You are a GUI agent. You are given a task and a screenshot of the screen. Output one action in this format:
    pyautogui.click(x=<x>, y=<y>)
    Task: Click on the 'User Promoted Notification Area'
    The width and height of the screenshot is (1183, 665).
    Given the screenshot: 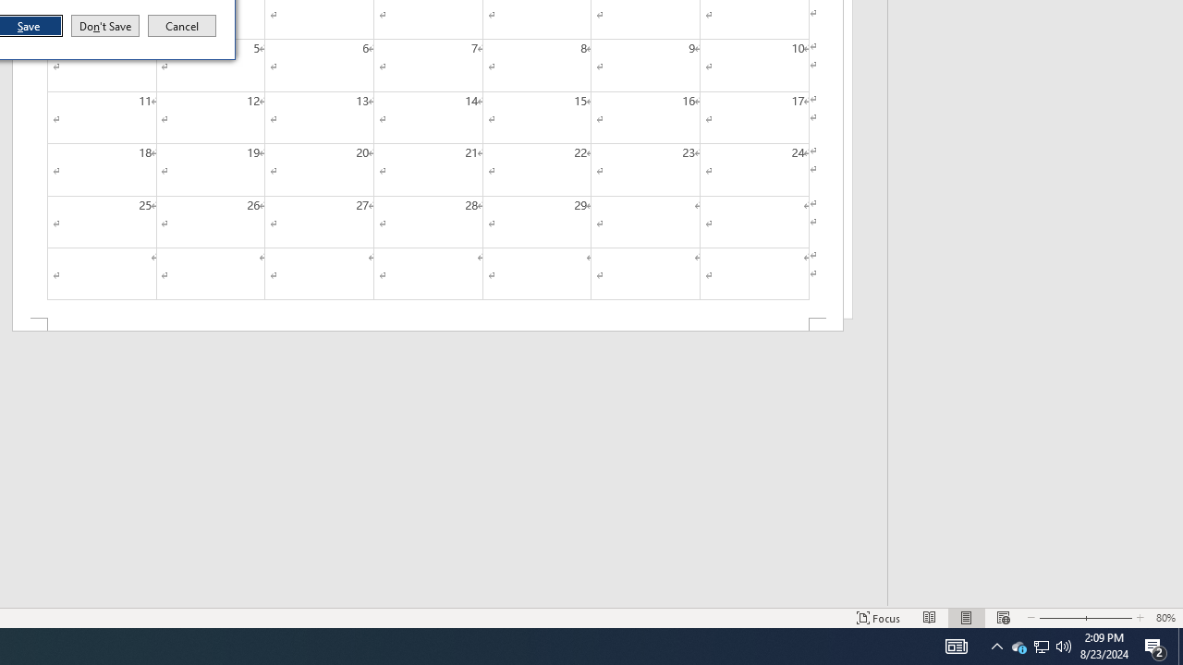 What is the action you would take?
    pyautogui.click(x=1042, y=645)
    